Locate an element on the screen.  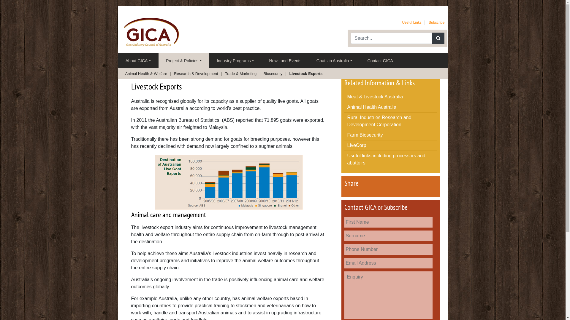
'Search' is located at coordinates (438, 38).